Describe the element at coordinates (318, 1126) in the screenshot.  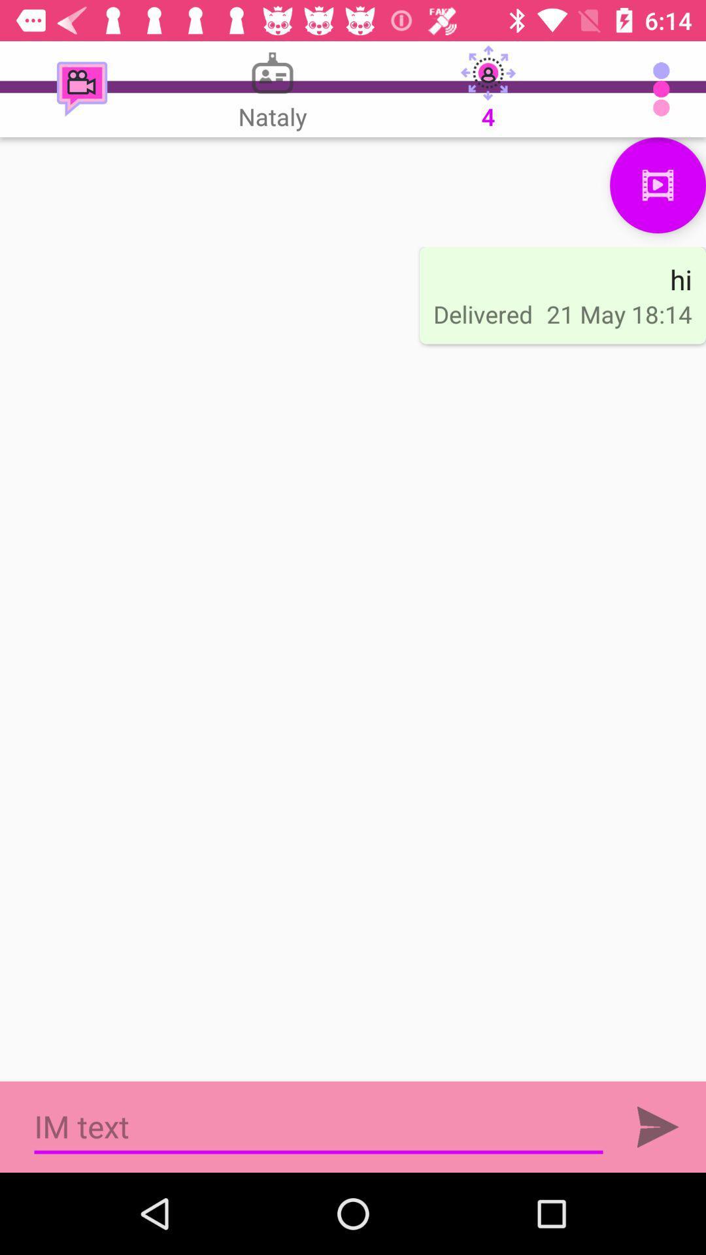
I see `write im text` at that location.